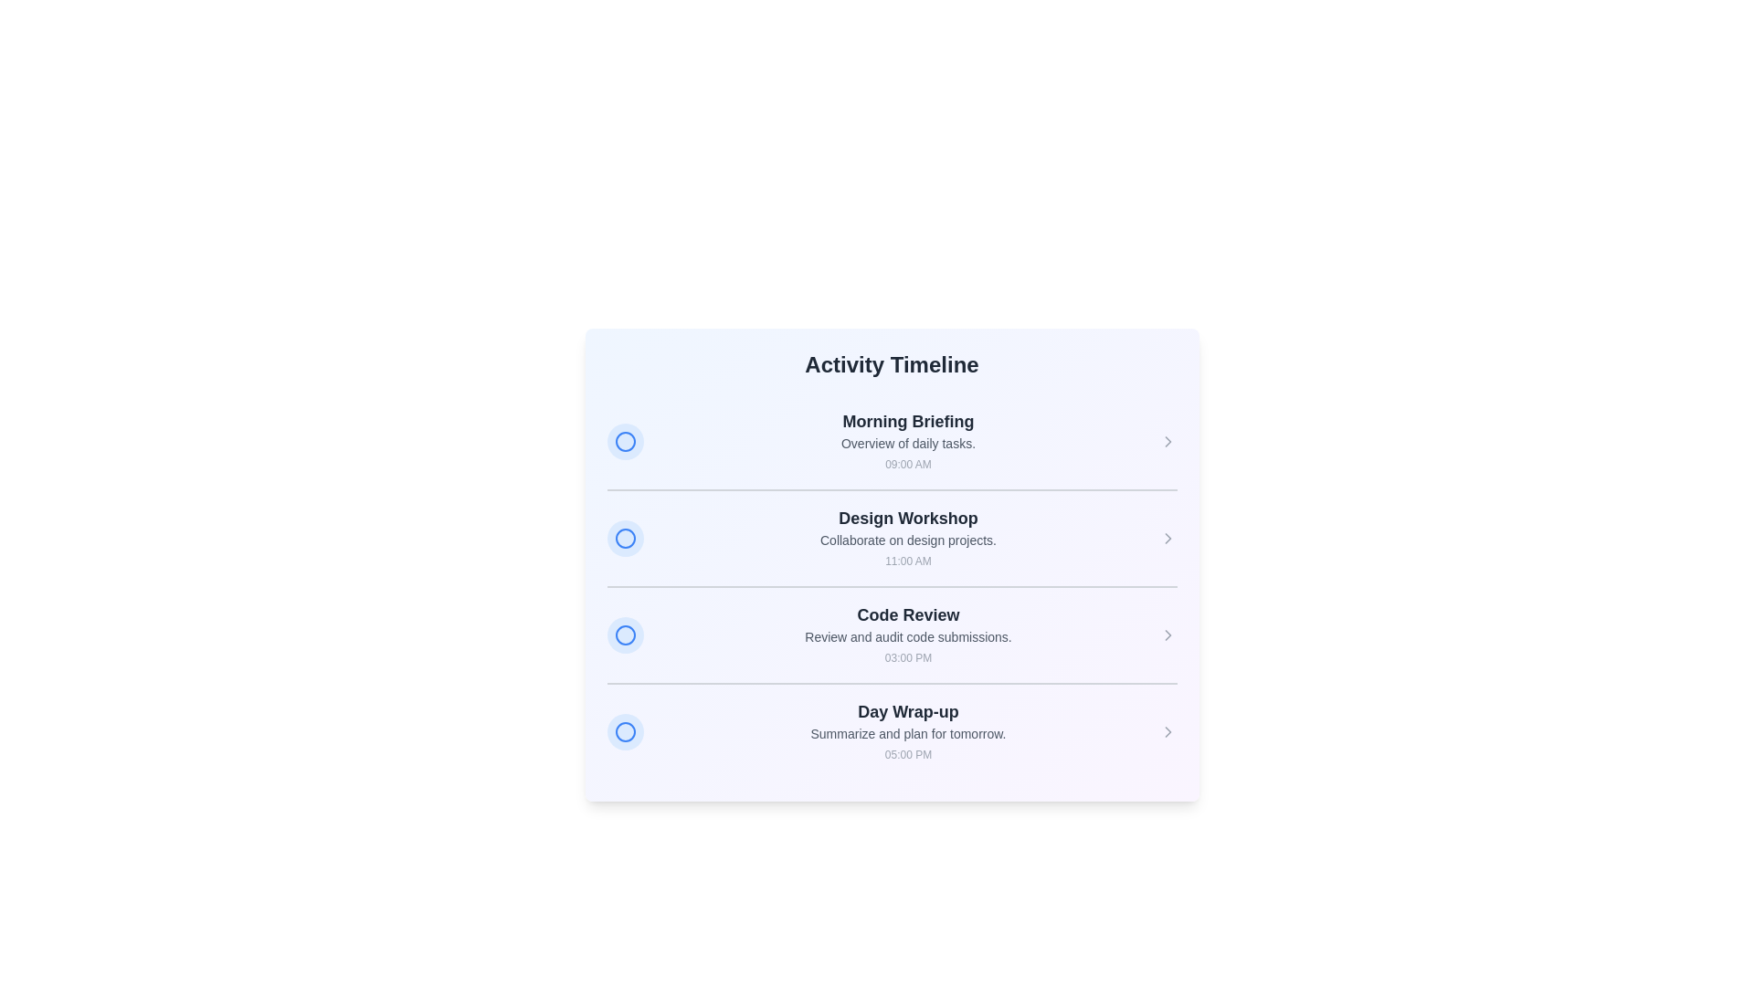  I want to click on the right-pointing chevron-shaped icon styled in gray, positioned at the end of the 'Morning Briefing' row in the 'Activity Timeline' section, so click(1167, 441).